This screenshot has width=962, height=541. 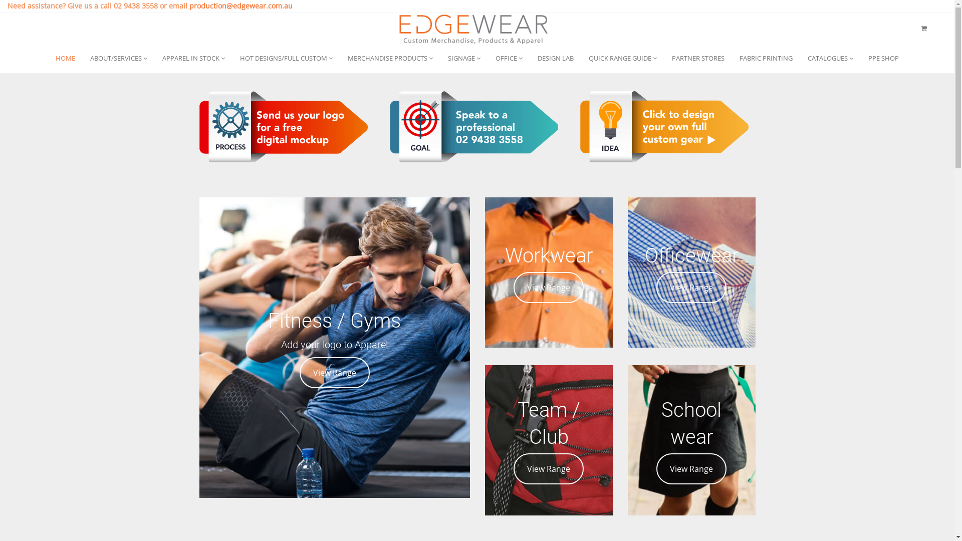 I want to click on 'DESIGN LAB', so click(x=529, y=58).